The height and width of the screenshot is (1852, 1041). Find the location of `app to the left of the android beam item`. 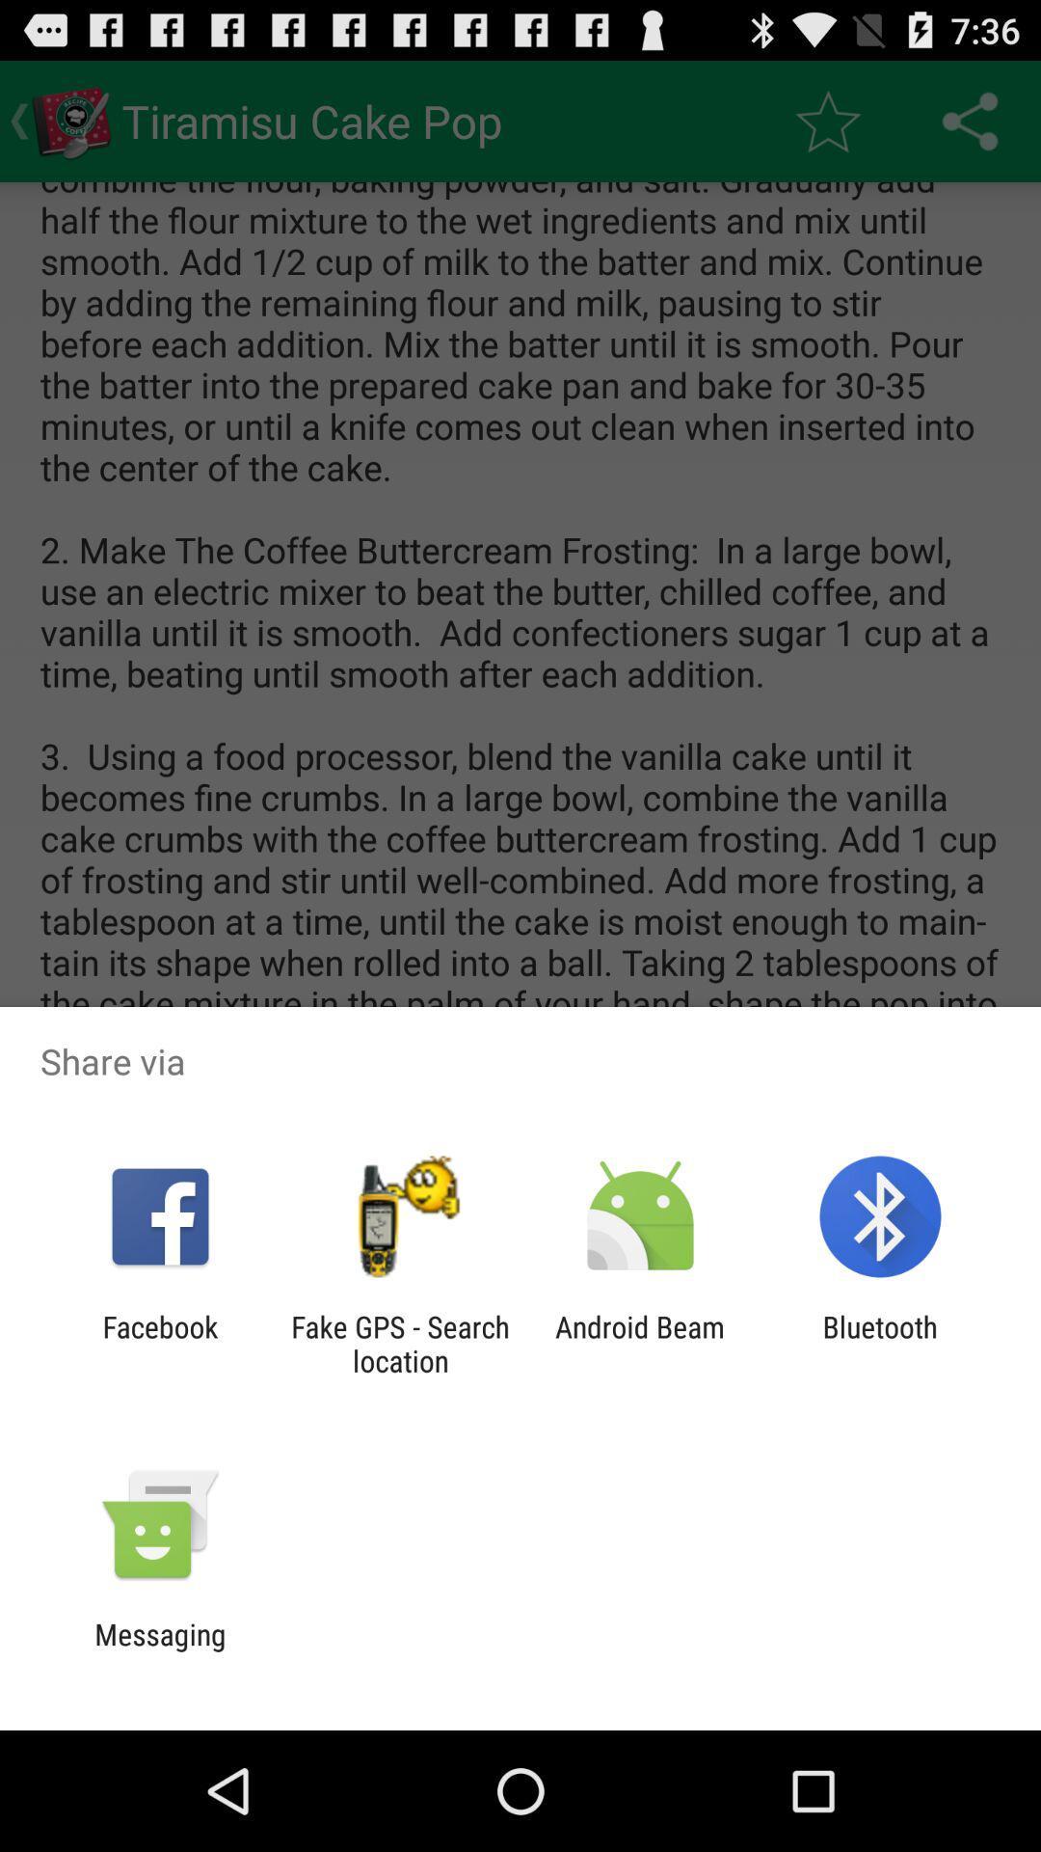

app to the left of the android beam item is located at coordinates (399, 1343).